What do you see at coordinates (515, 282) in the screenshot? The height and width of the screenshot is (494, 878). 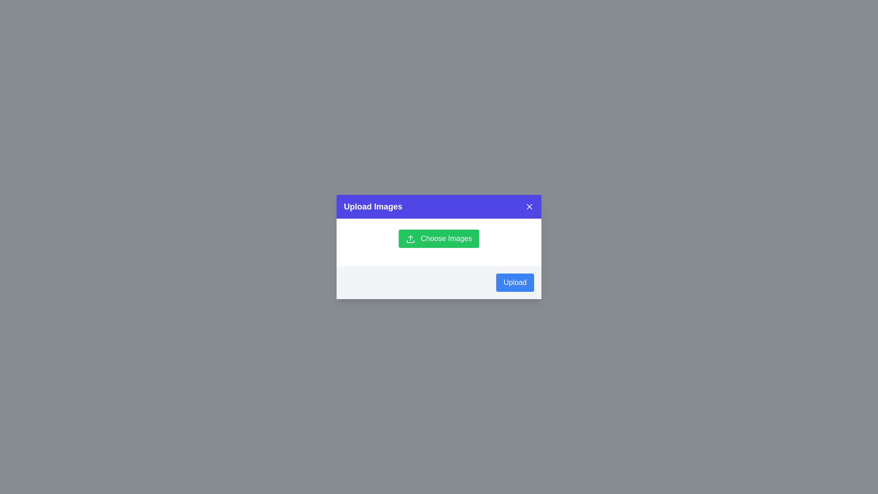 I see `the 'Upload' button to initiate the upload process` at bounding box center [515, 282].